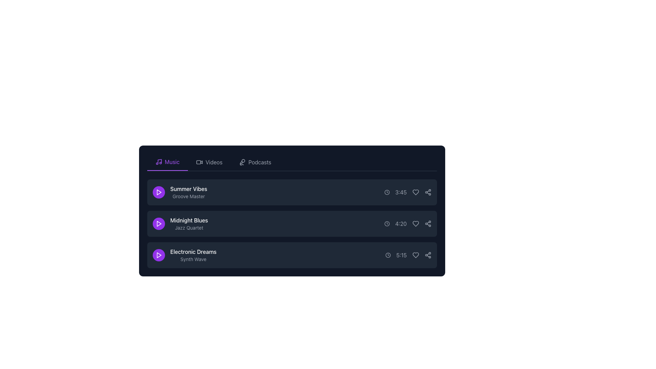  What do you see at coordinates (401, 224) in the screenshot?
I see `the text label displaying '4:20'` at bounding box center [401, 224].